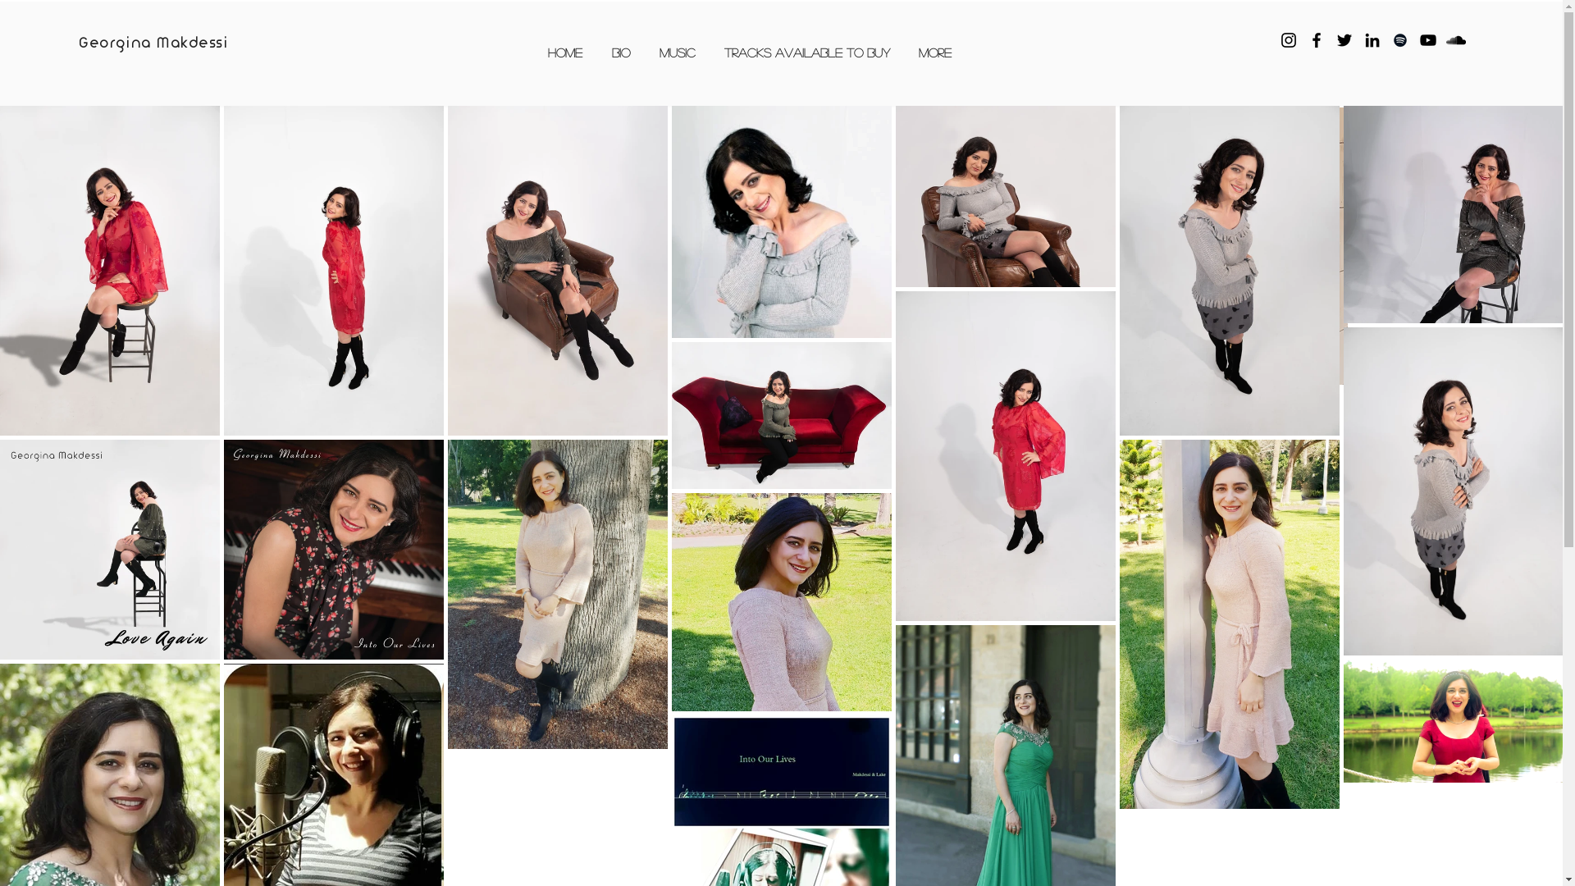 The image size is (1575, 886). I want to click on 'MUSIC', so click(677, 51).